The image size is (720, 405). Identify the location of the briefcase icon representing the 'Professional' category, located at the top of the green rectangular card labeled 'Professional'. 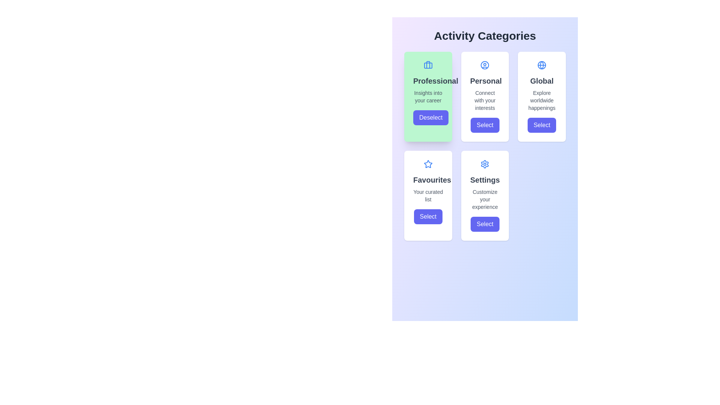
(428, 64).